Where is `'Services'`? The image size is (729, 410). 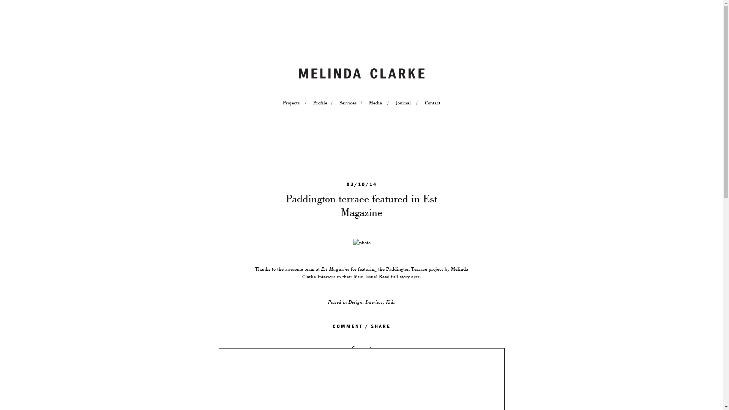
'Services' is located at coordinates (339, 102).